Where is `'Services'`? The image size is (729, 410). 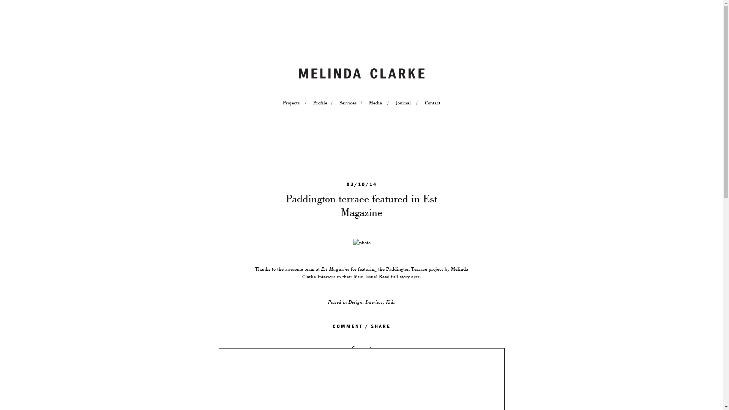
'Services' is located at coordinates (339, 102).